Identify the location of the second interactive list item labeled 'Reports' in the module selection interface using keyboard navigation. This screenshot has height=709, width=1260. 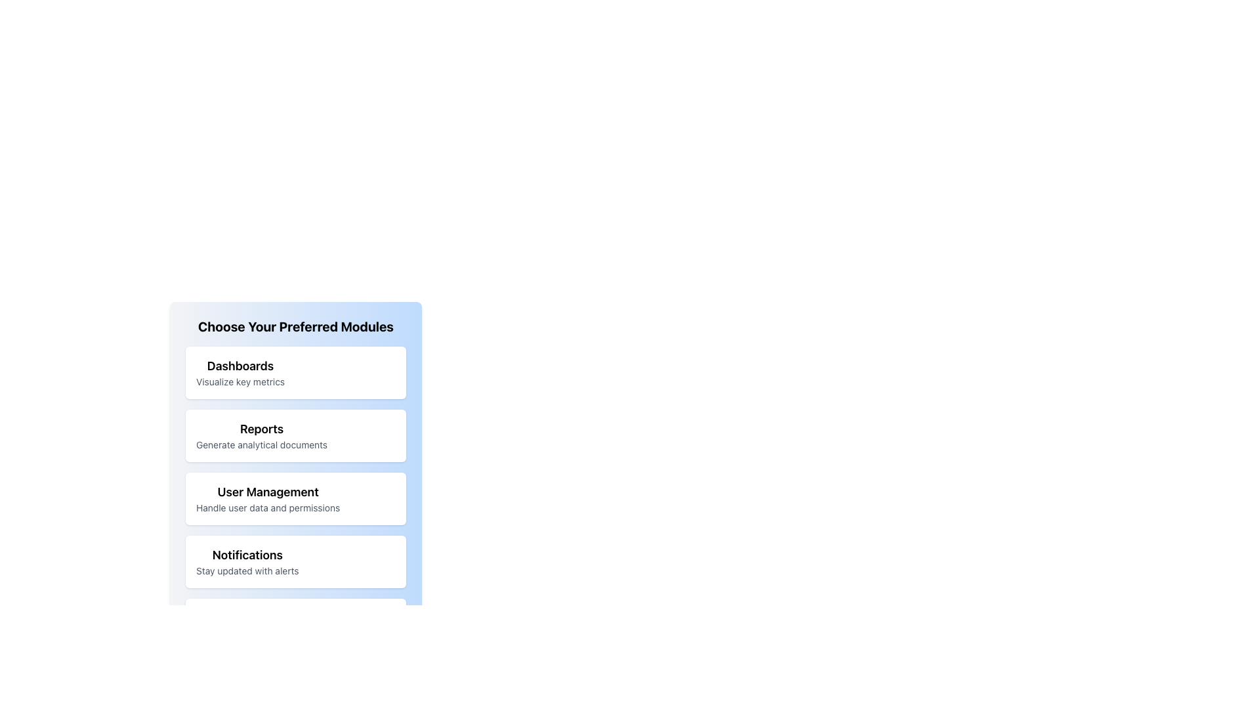
(261, 435).